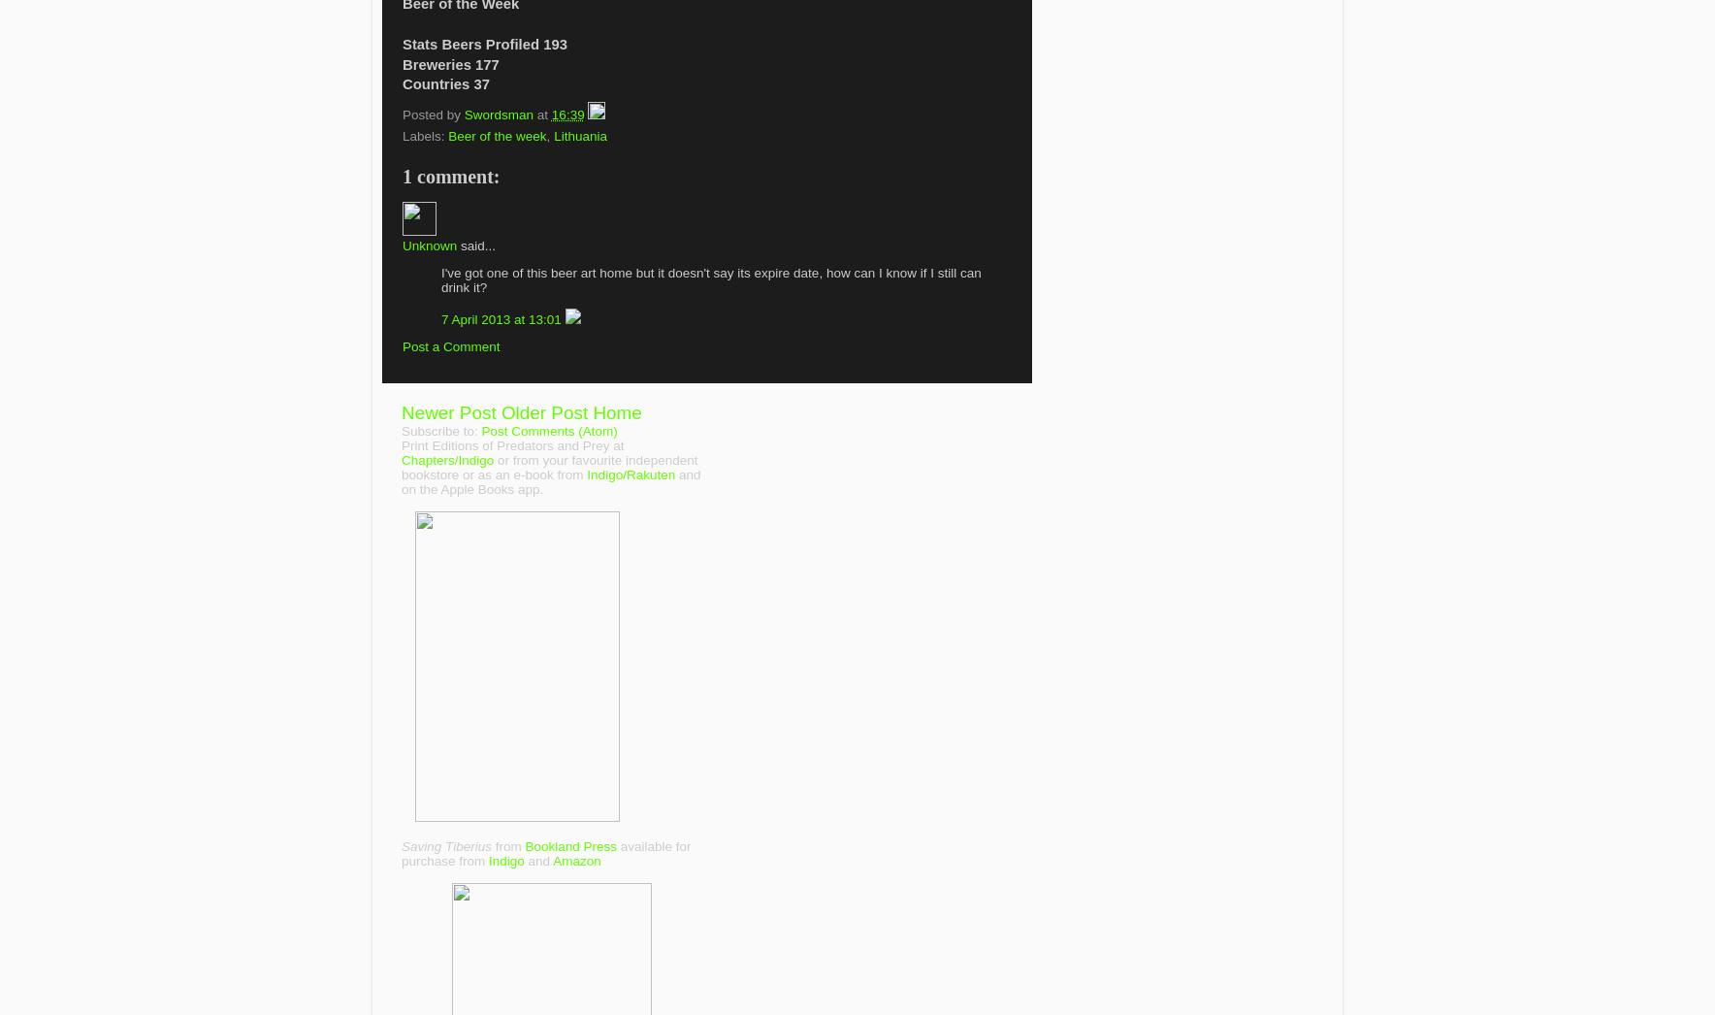  I want to click on 'Home', so click(592, 410).